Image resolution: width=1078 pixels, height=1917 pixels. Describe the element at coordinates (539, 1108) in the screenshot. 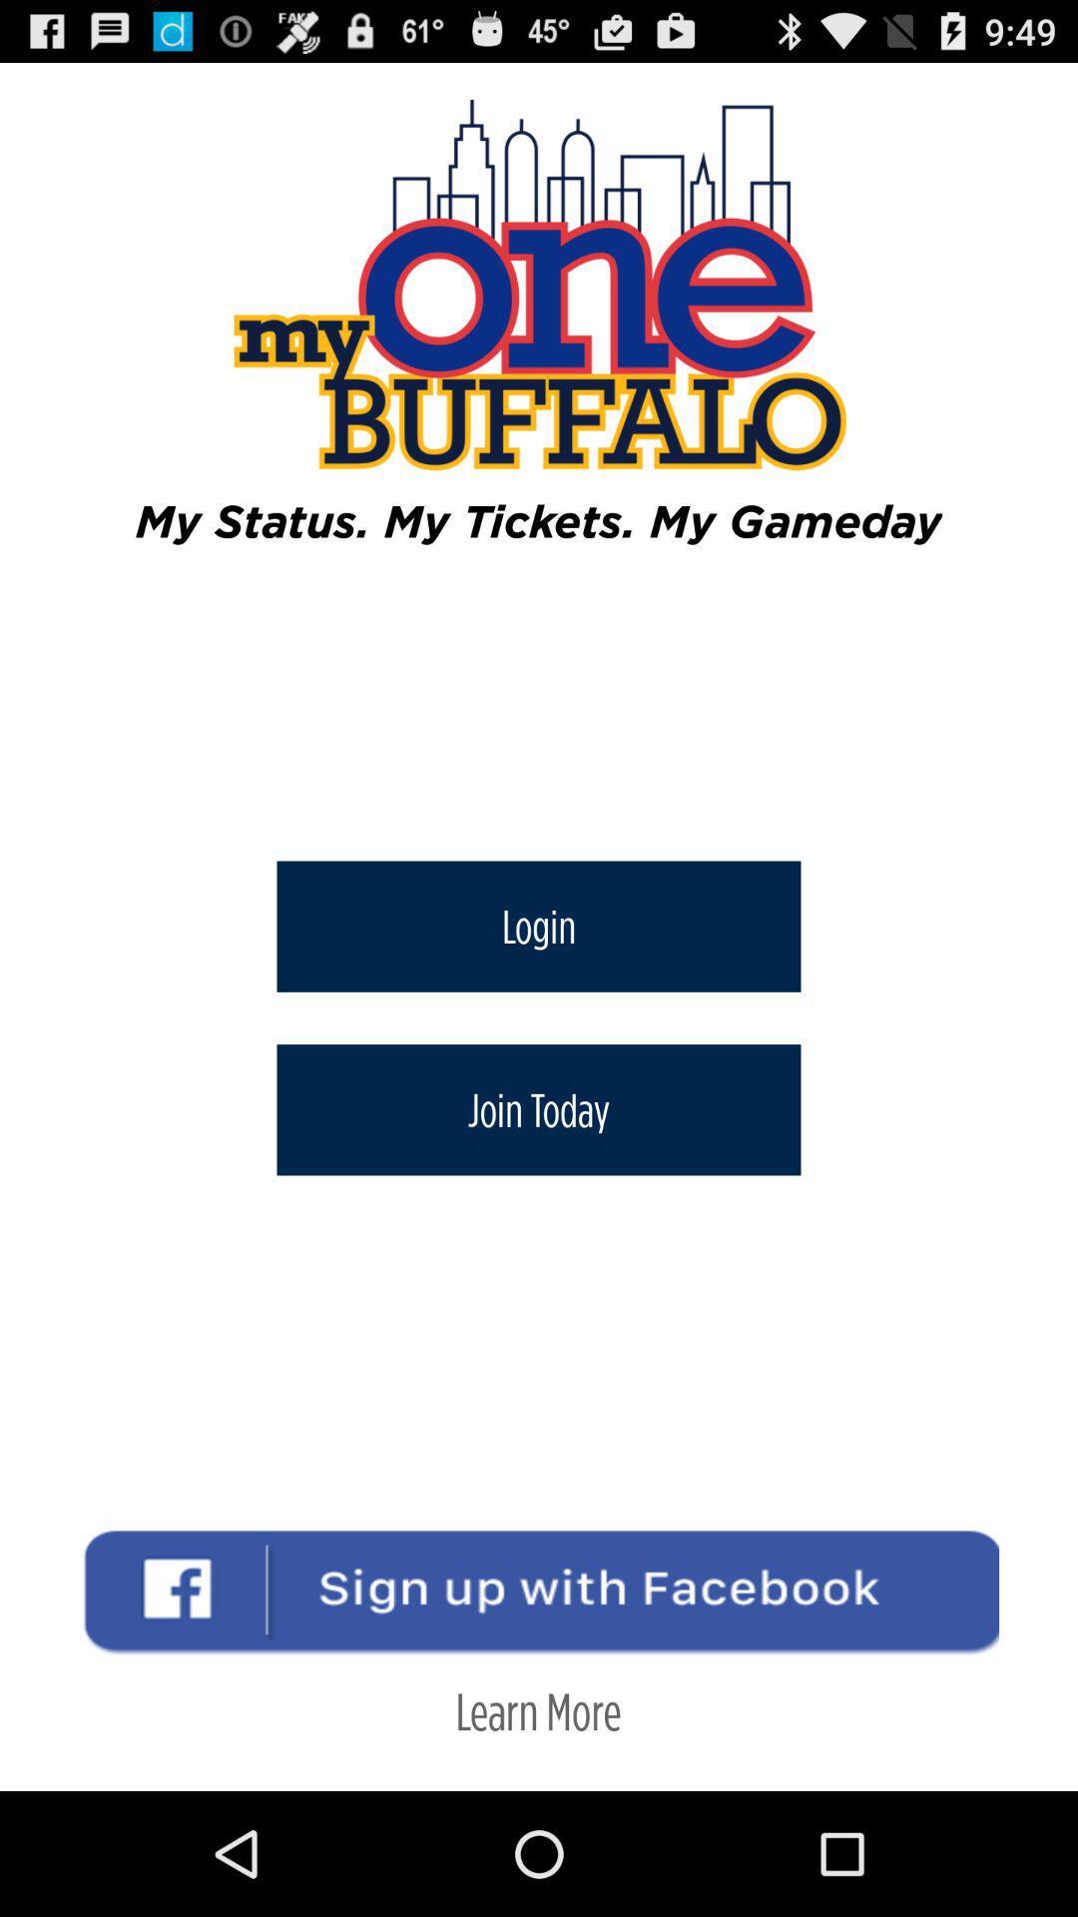

I see `join today` at that location.